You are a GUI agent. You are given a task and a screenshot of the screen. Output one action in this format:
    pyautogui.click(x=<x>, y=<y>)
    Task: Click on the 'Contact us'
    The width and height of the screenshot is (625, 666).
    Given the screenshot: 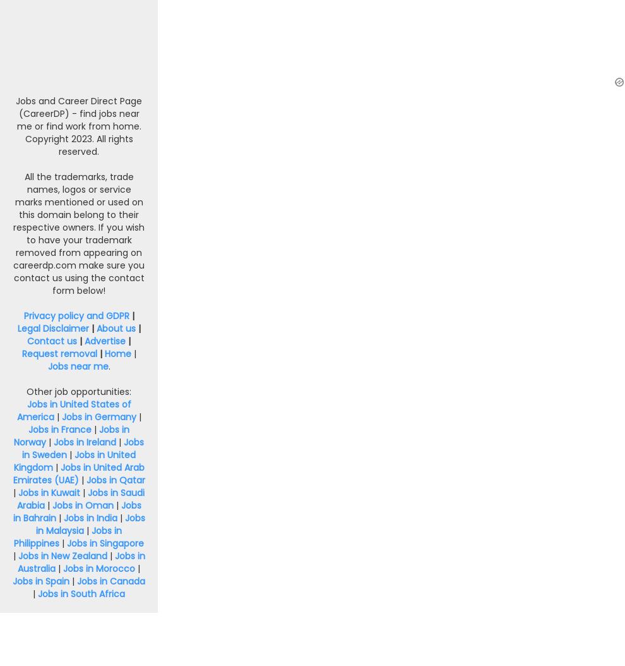 What is the action you would take?
    pyautogui.click(x=52, y=341)
    